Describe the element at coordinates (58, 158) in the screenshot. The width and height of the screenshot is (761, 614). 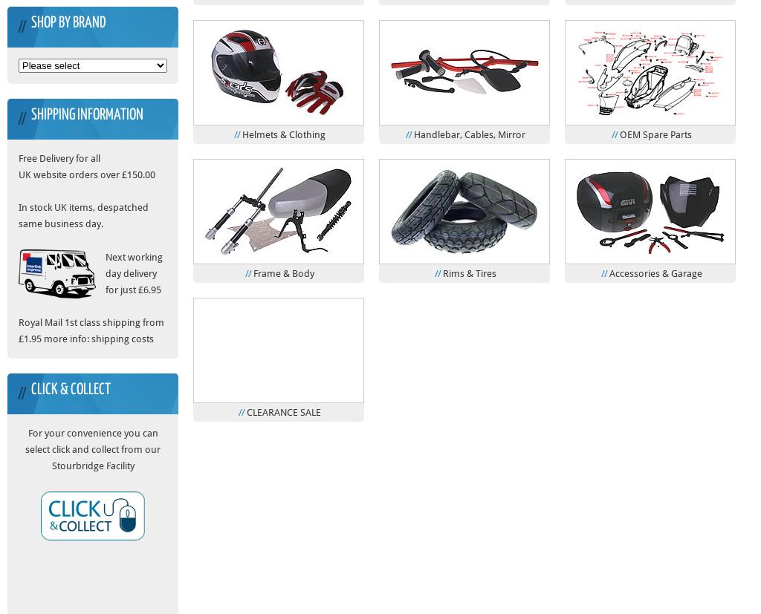
I see `'Free Delivery for all'` at that location.